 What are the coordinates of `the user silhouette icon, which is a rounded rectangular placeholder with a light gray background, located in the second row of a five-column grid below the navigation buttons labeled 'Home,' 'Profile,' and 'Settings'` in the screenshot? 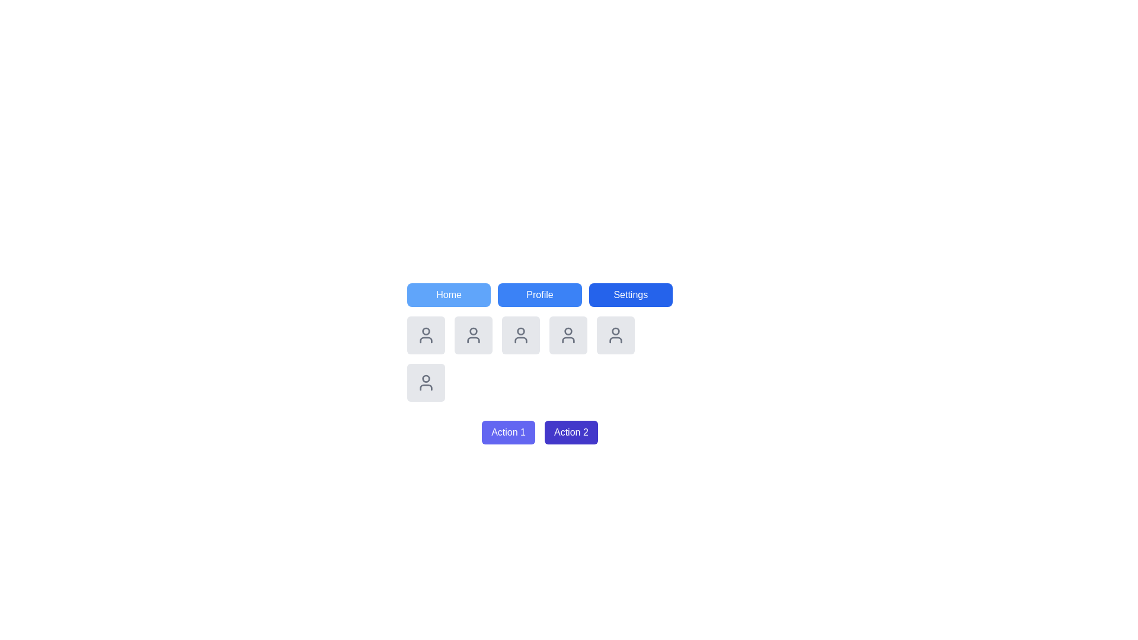 It's located at (520, 335).